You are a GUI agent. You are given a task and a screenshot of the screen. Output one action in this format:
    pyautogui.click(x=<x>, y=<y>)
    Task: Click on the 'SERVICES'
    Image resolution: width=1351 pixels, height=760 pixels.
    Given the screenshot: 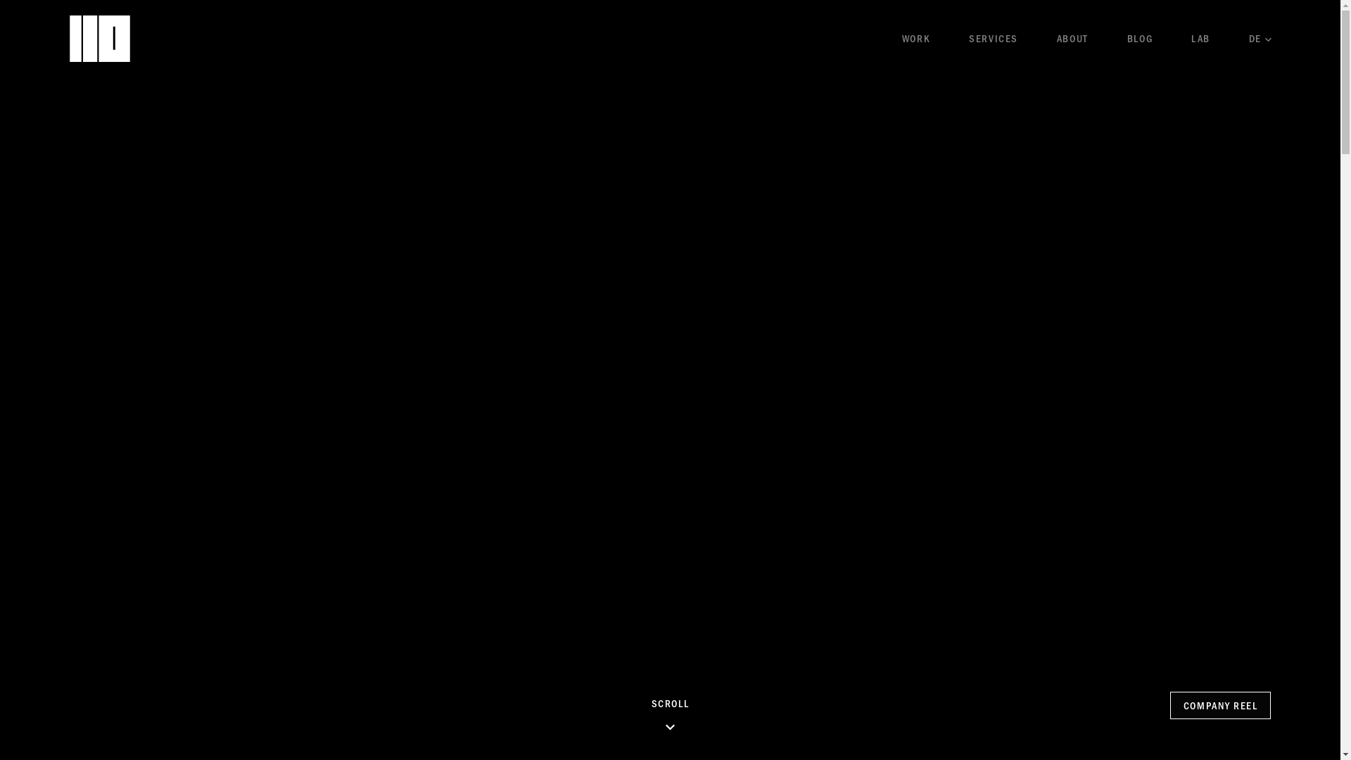 What is the action you would take?
    pyautogui.click(x=968, y=37)
    